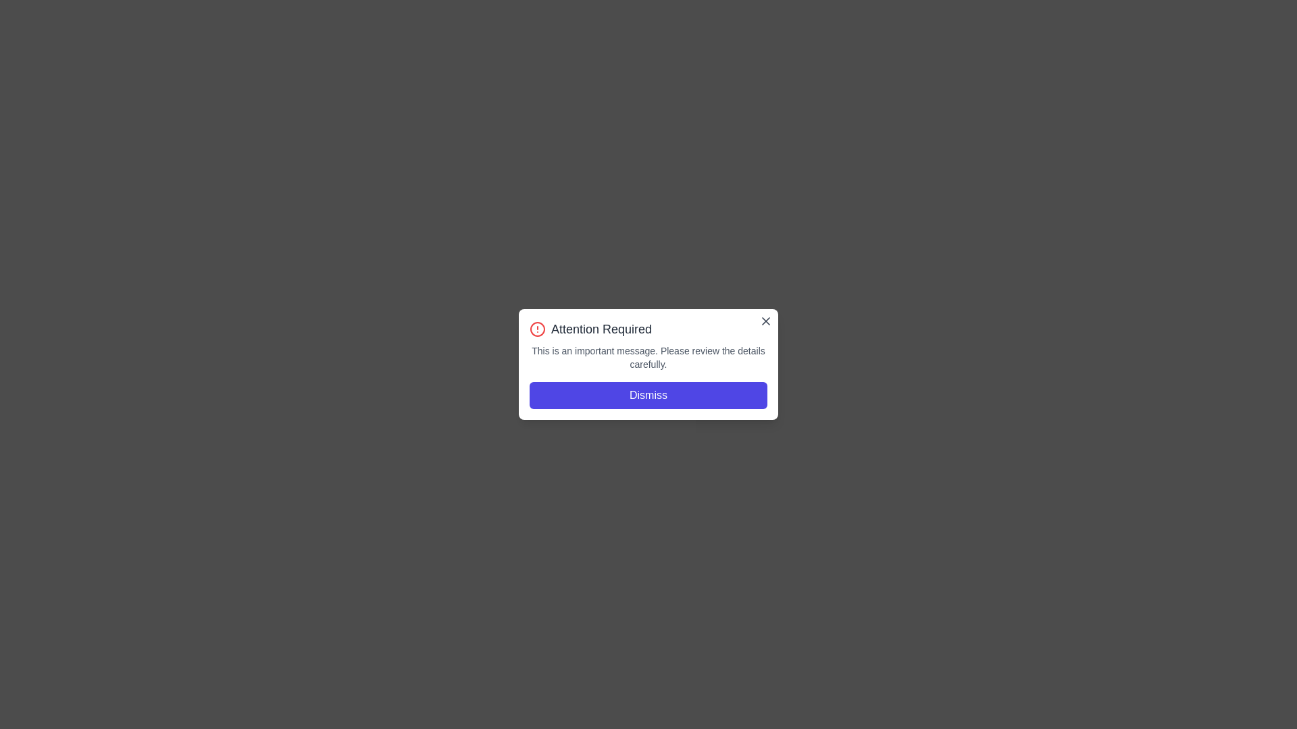  I want to click on the Text Display element that conveys an important message, located inside a white, rounded-corner modal, beneath the 'Attention Required' title and above the 'Dismiss' button, so click(648, 356).